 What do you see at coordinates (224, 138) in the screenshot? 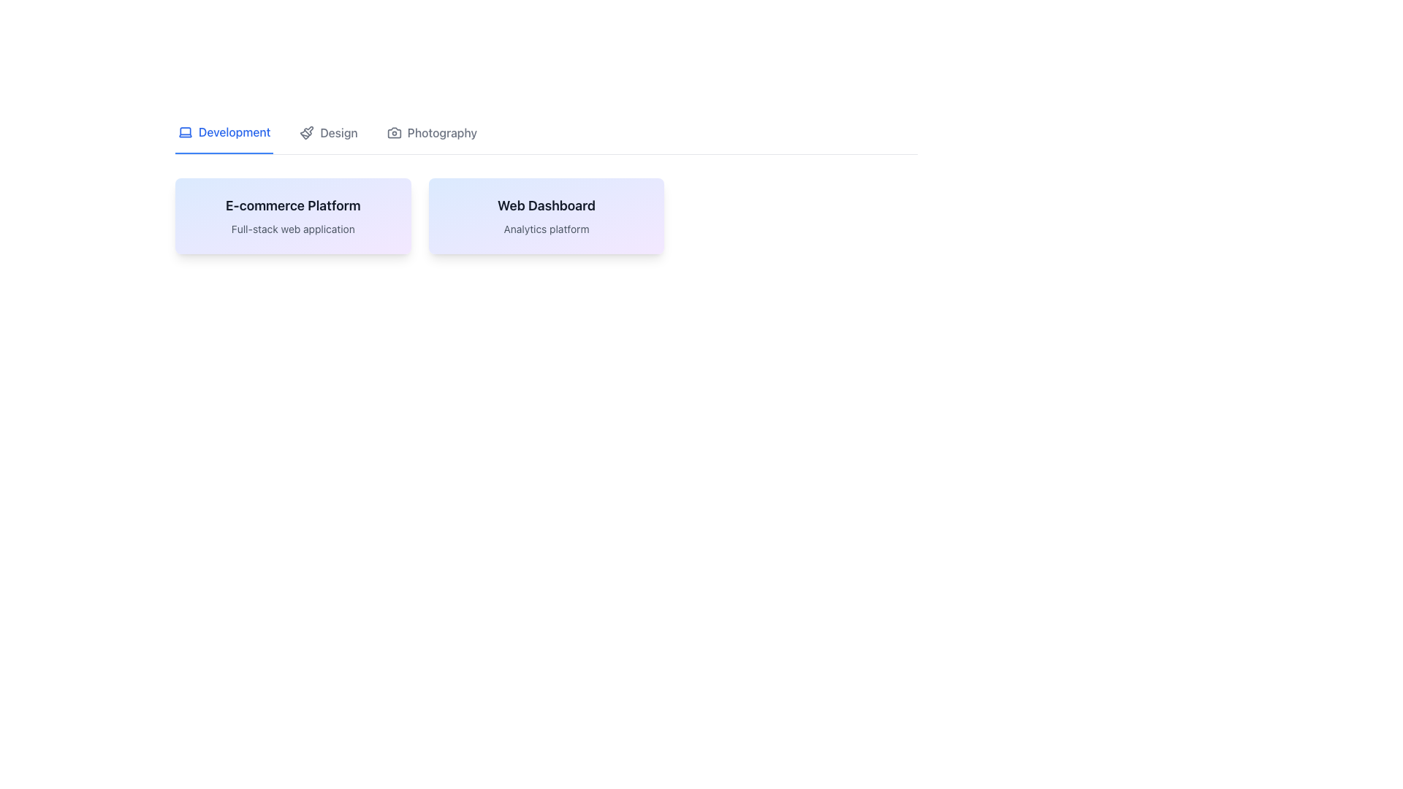
I see `the 'Development' tab button in the navigation bar` at bounding box center [224, 138].